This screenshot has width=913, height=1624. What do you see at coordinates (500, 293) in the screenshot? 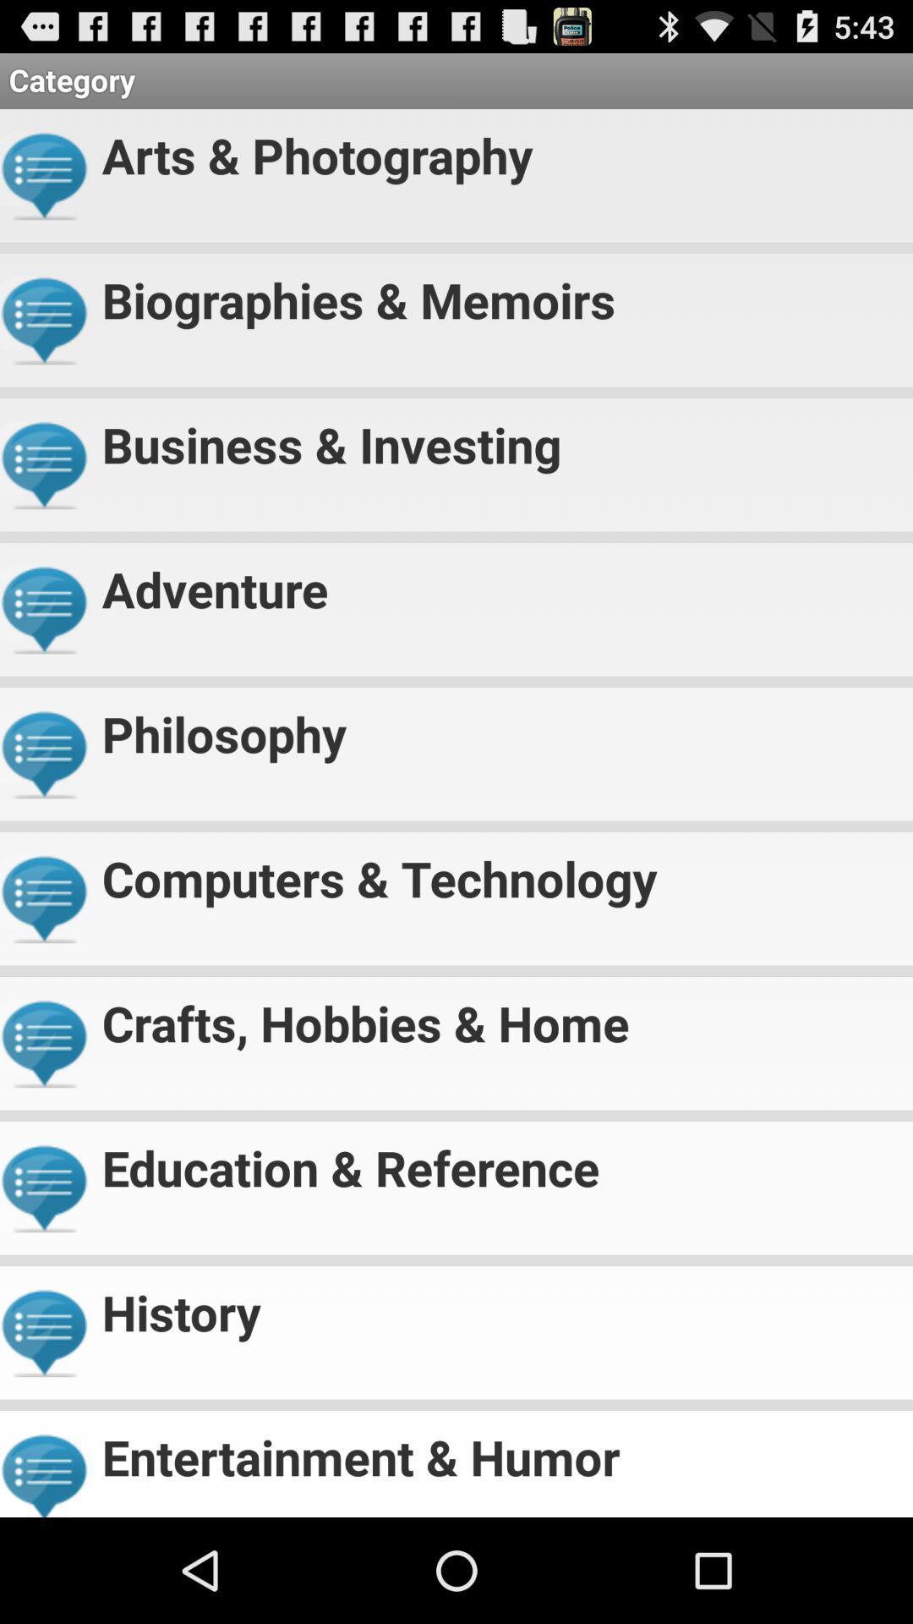
I see `the biographies & memoirs icon` at bounding box center [500, 293].